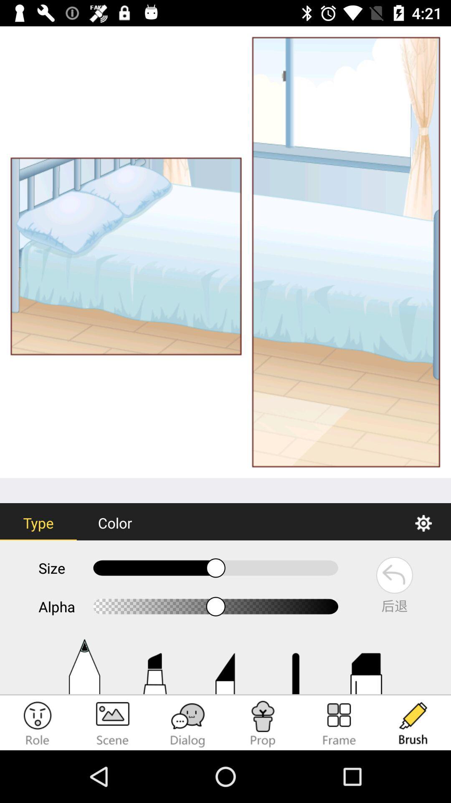  What do you see at coordinates (37, 724) in the screenshot?
I see `the emoji icon` at bounding box center [37, 724].